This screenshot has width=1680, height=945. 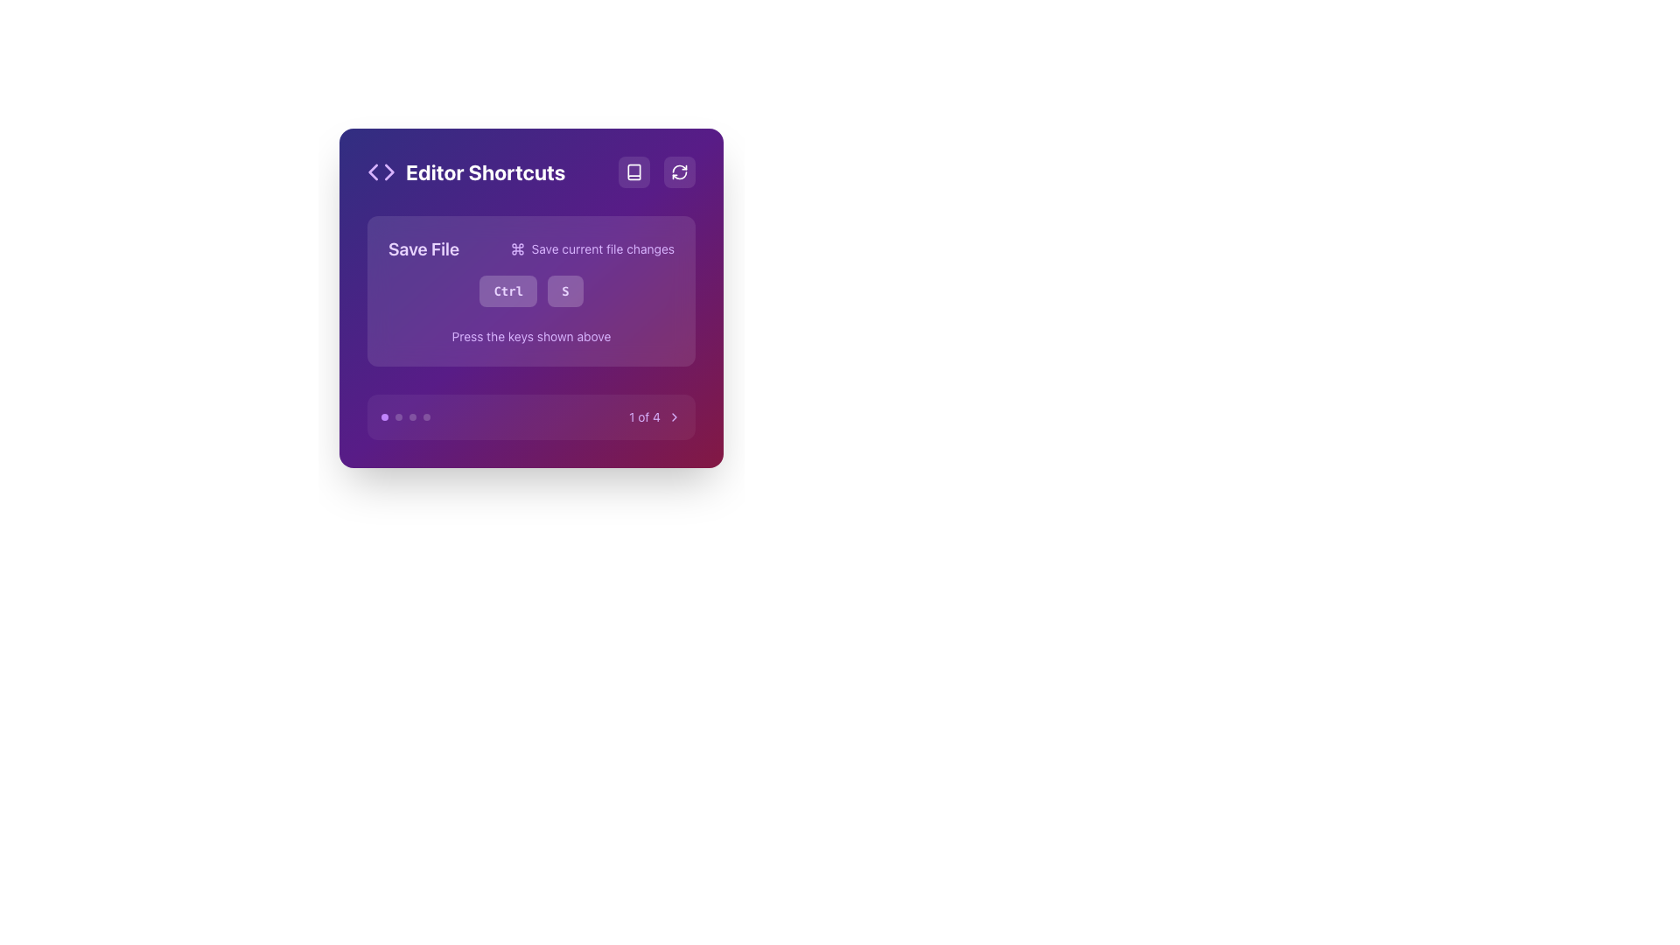 What do you see at coordinates (530, 290) in the screenshot?
I see `the Combination key indicator component that consists of two side-by-side rectangles labeled 'Ctrl' and 'S', which has a light purple background and is located in the middle of the modal under 'Save FileSave current file changes'` at bounding box center [530, 290].